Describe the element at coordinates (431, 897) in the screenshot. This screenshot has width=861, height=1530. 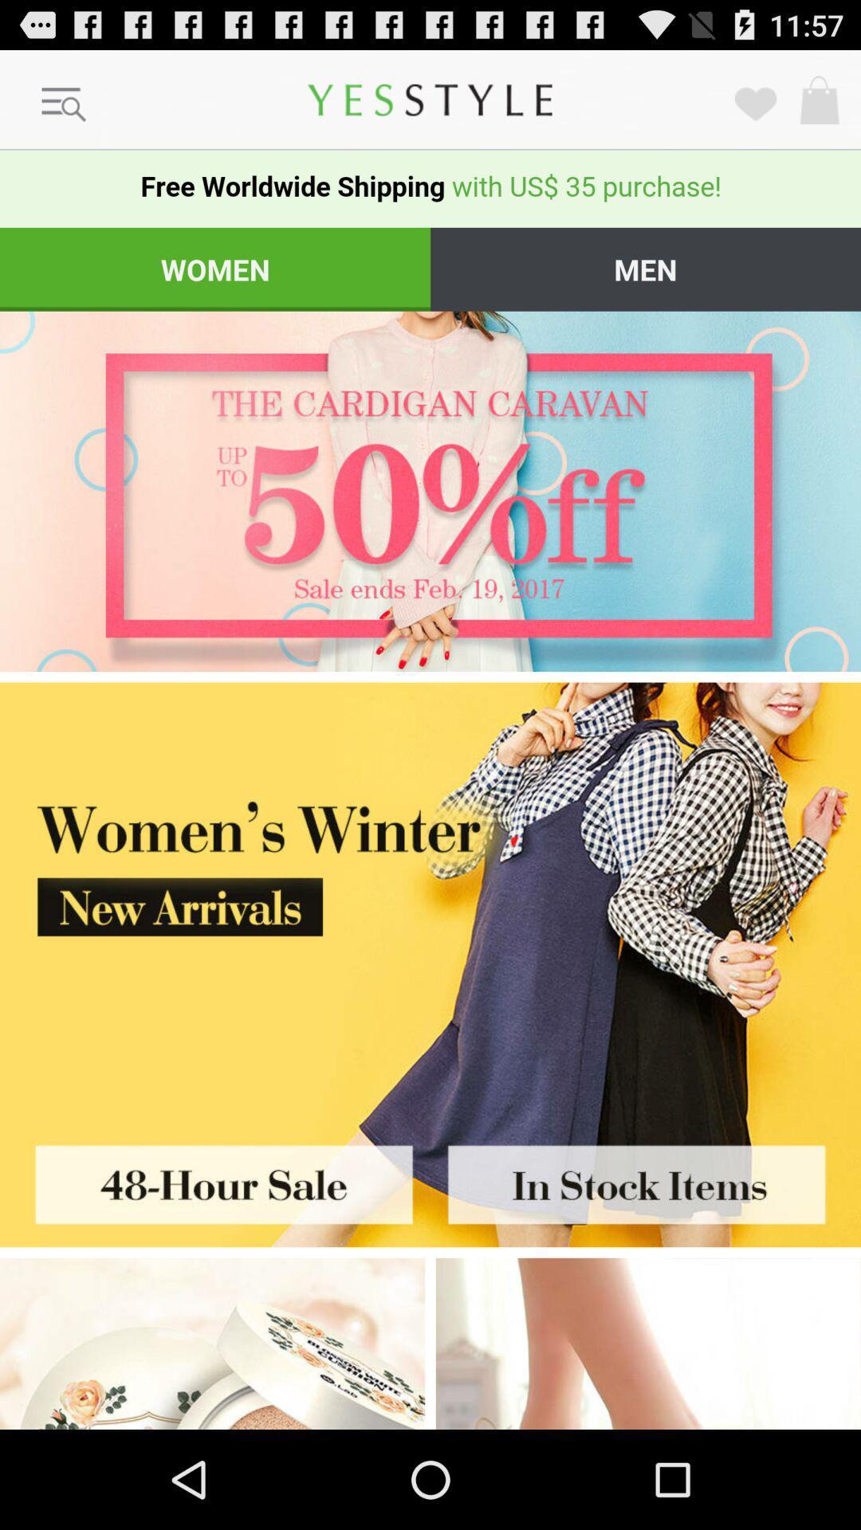
I see `open new arrivals` at that location.